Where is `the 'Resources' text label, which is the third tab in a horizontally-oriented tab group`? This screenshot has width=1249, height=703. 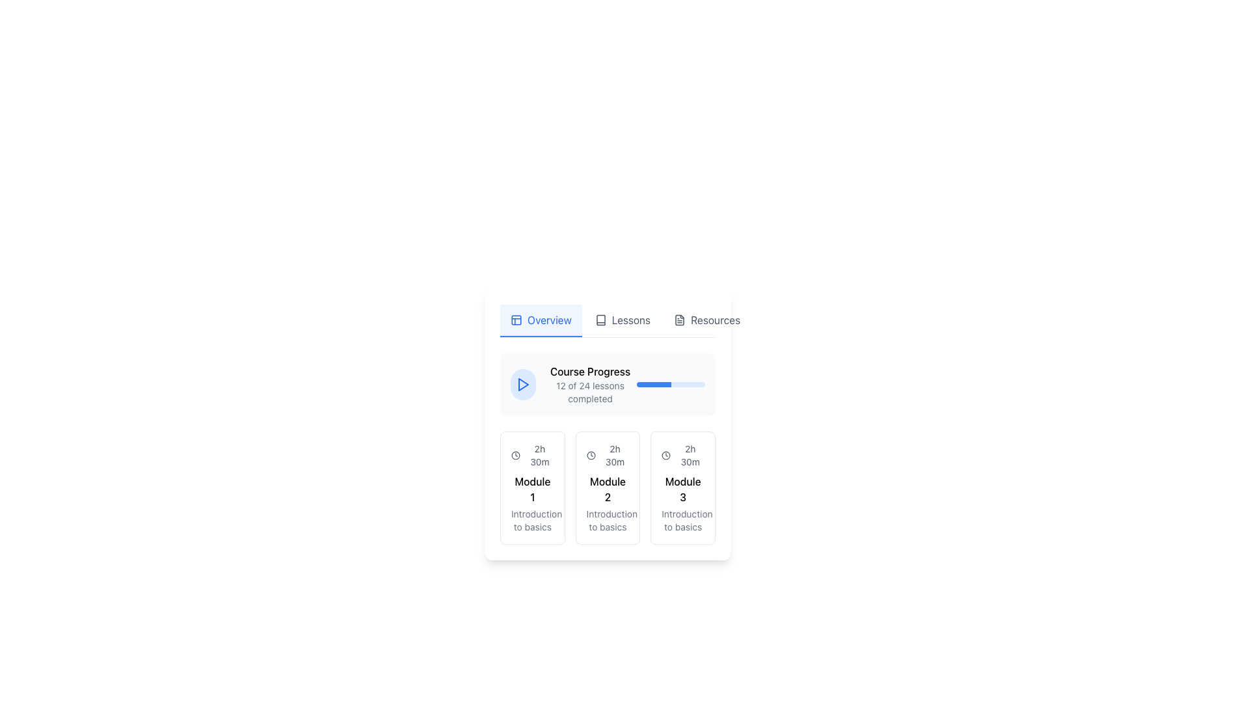 the 'Resources' text label, which is the third tab in a horizontally-oriented tab group is located at coordinates (715, 320).